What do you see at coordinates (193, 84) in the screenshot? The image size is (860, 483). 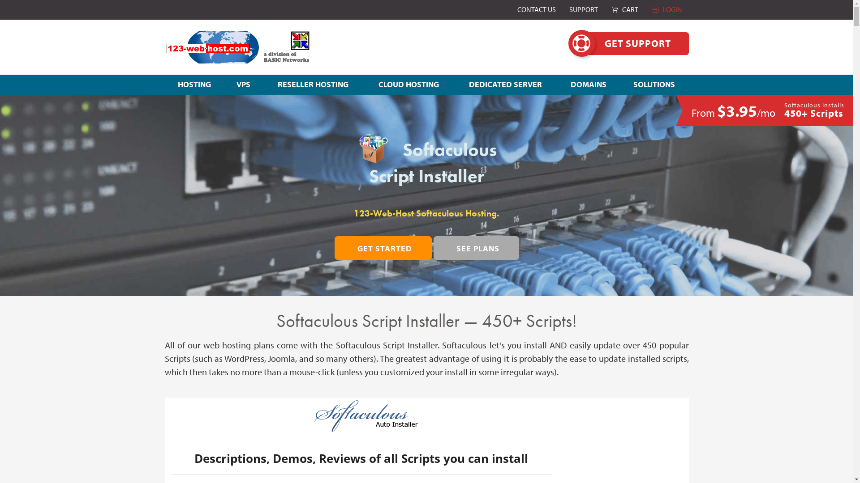 I see `'HOSTING'` at bounding box center [193, 84].